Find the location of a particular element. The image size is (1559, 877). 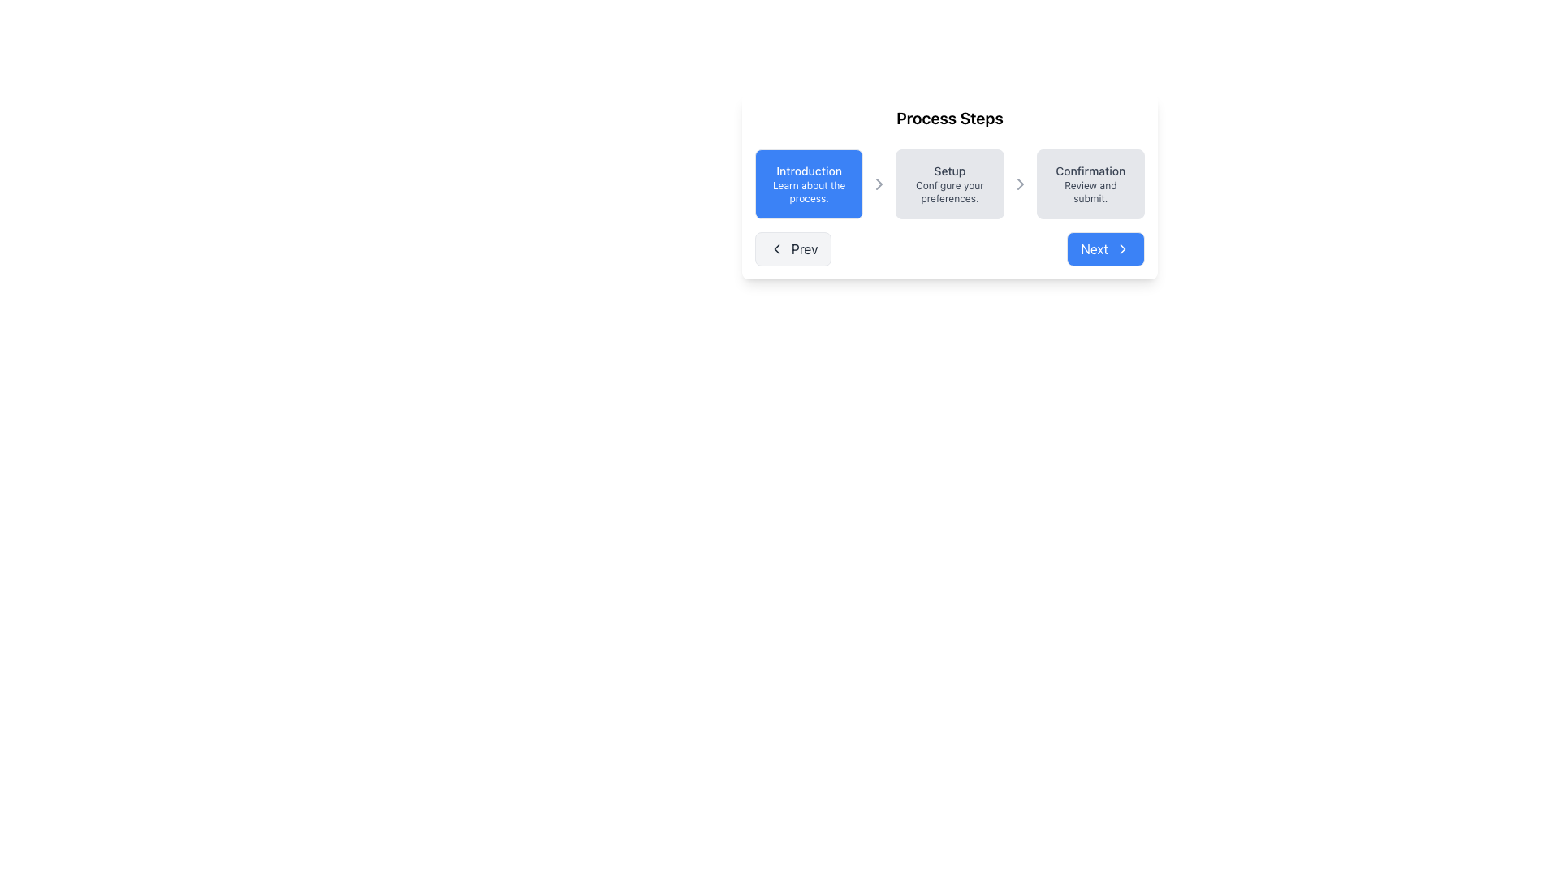

the slim, right-facing gray arrow icon located between the 'Setup' and 'Confirmation' sections of the three-step process UI component is located at coordinates (1019, 184).